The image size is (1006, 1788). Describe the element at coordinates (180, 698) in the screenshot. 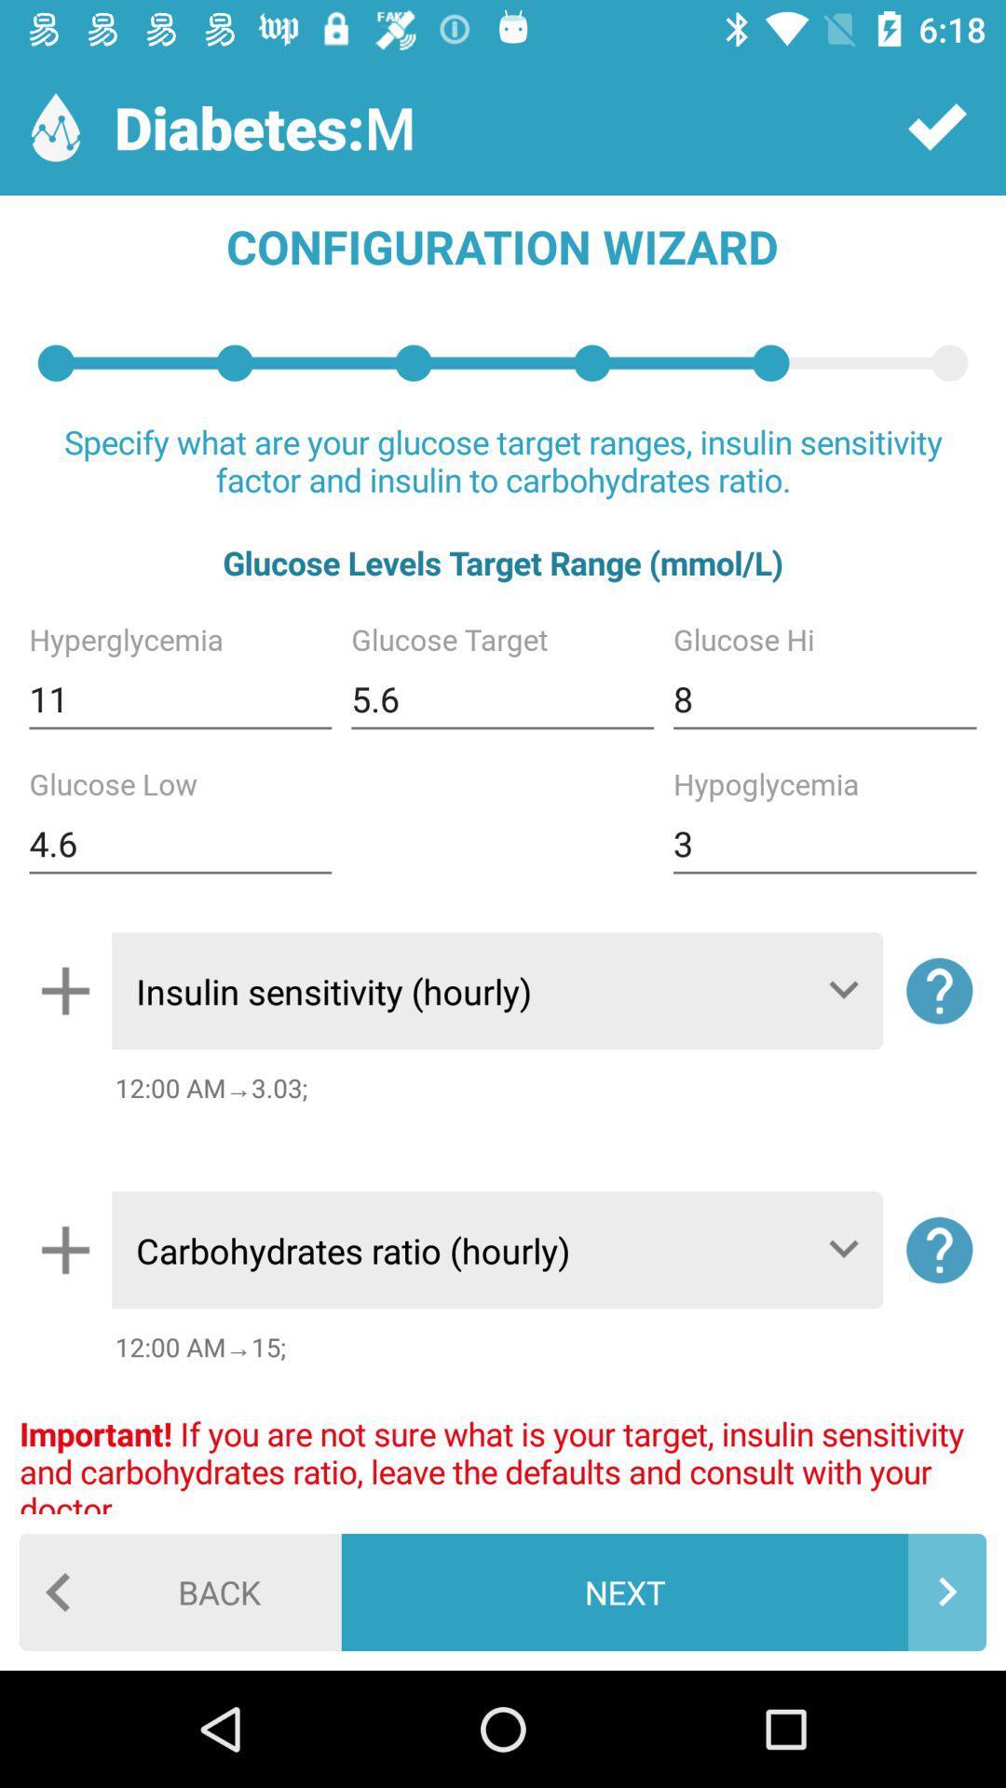

I see `the item below glucose levels target` at that location.